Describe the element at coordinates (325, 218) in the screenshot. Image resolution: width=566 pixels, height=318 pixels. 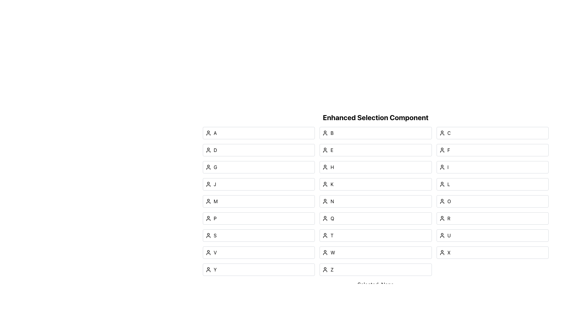
I see `the decorative user icon located to the left of the letter 'Q' inside the button in the fifth row and third column of the button grid` at that location.